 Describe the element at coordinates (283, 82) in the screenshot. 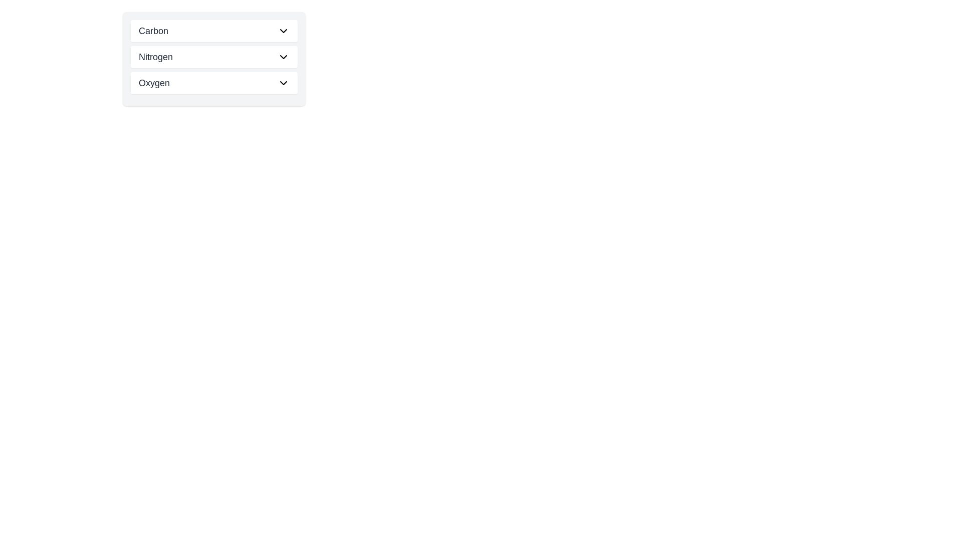

I see `the chevron icon associated with the 'Oxygen' button` at that location.